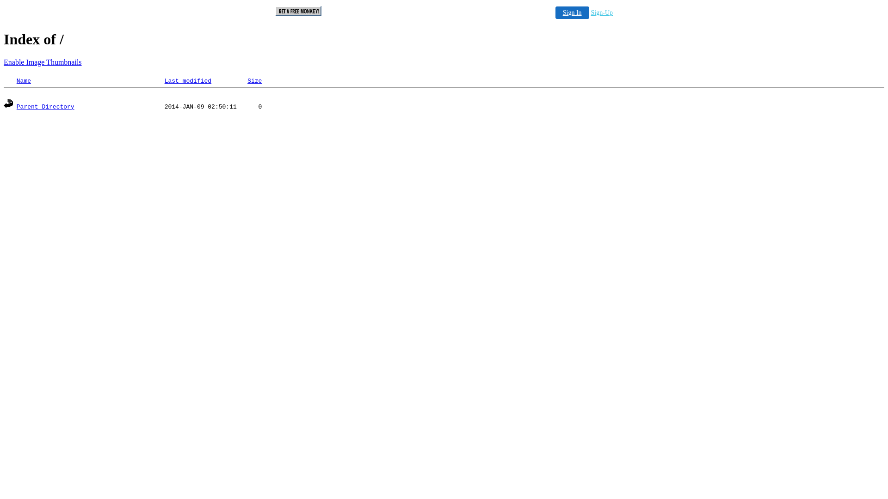  Describe the element at coordinates (247, 80) in the screenshot. I see `'Size'` at that location.